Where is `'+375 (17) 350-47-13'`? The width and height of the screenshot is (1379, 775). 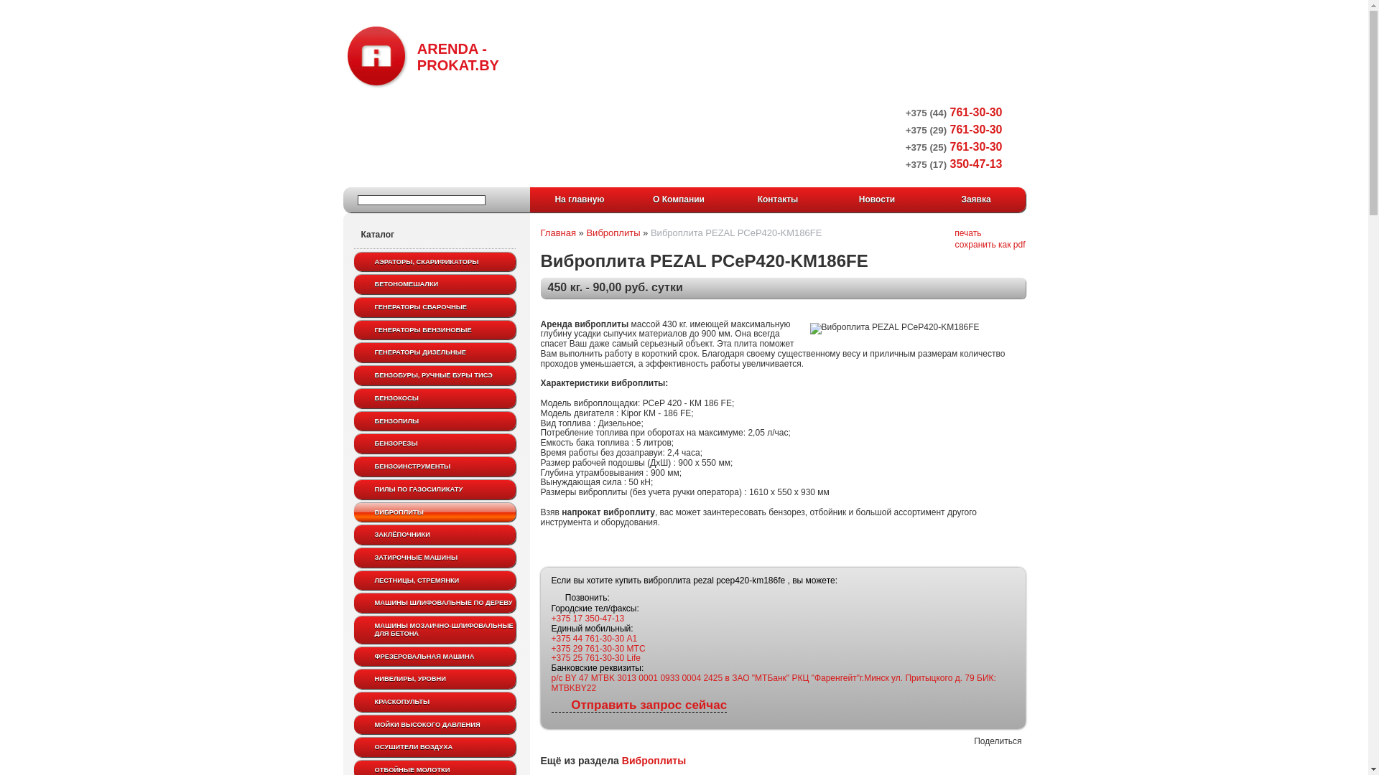 '+375 (17) 350-47-13' is located at coordinates (954, 163).